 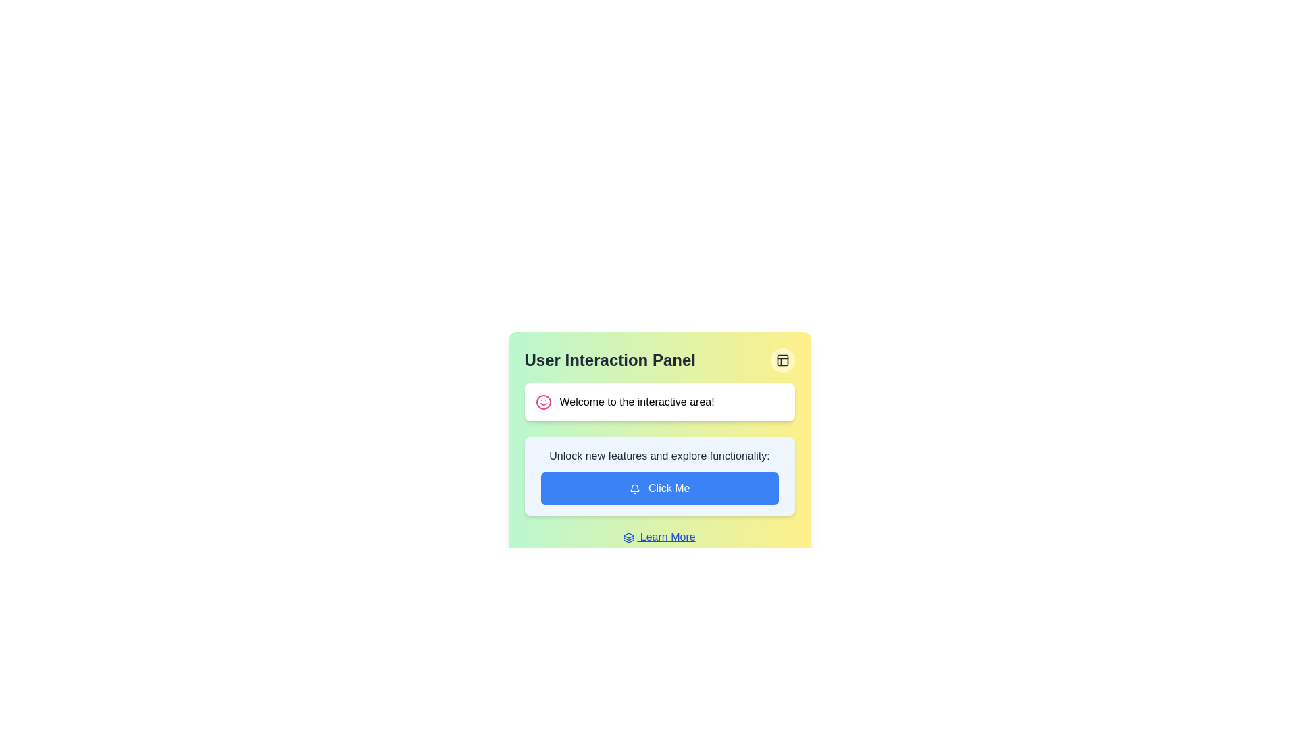 What do you see at coordinates (659, 402) in the screenshot?
I see `the text block with a pink smiley icon and the text 'Welcome to the interactive area!' positioned beneath the title 'User Interaction Panel'` at bounding box center [659, 402].